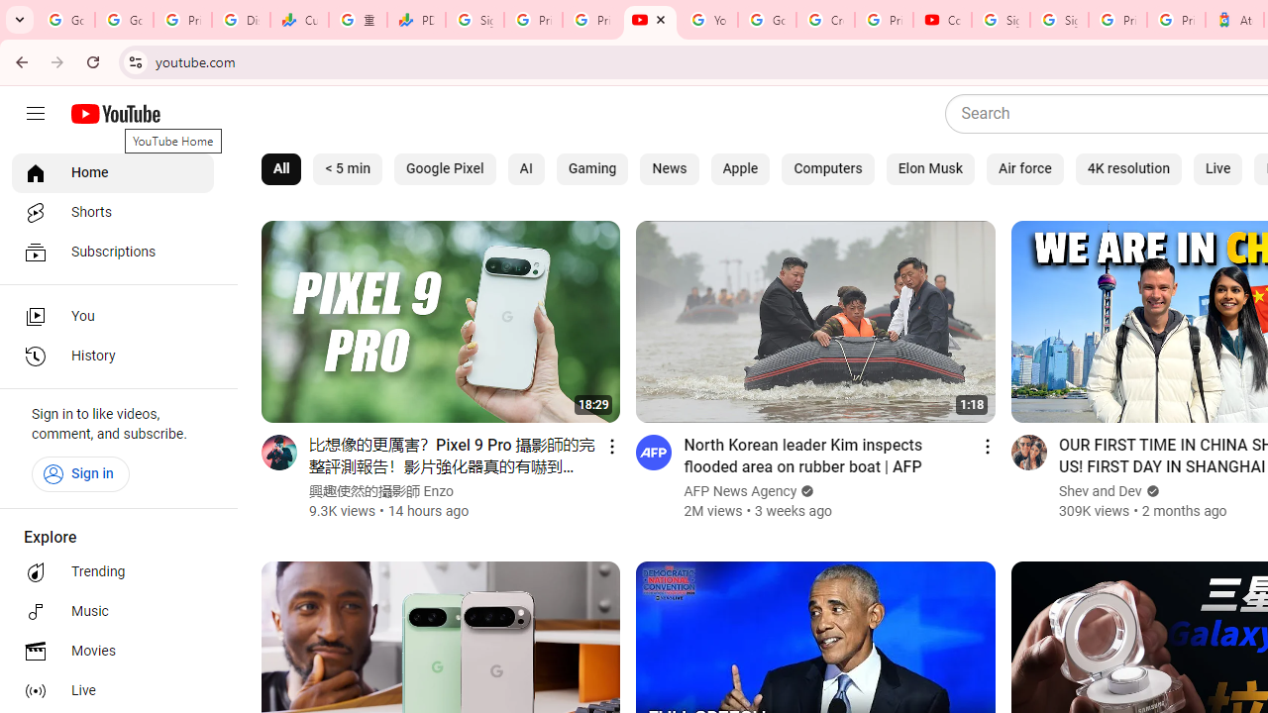 The image size is (1268, 713). Describe the element at coordinates (739, 168) in the screenshot. I see `'Apple'` at that location.